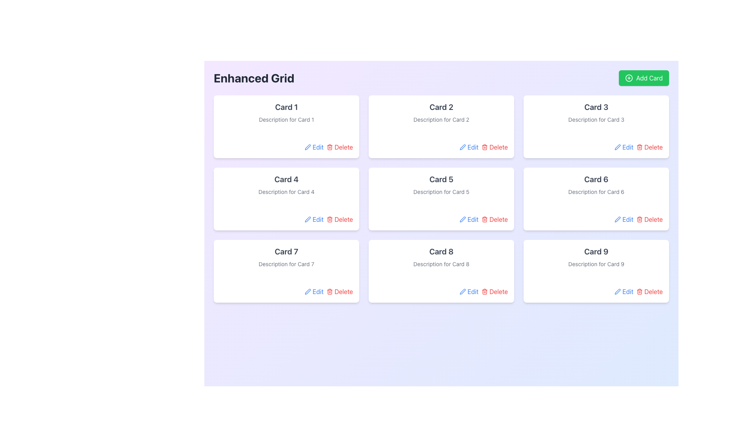  What do you see at coordinates (617, 292) in the screenshot?
I see `the edit icon located to the left of the 'Edit' text label at the bottom right corner of 'Card 9'` at bounding box center [617, 292].